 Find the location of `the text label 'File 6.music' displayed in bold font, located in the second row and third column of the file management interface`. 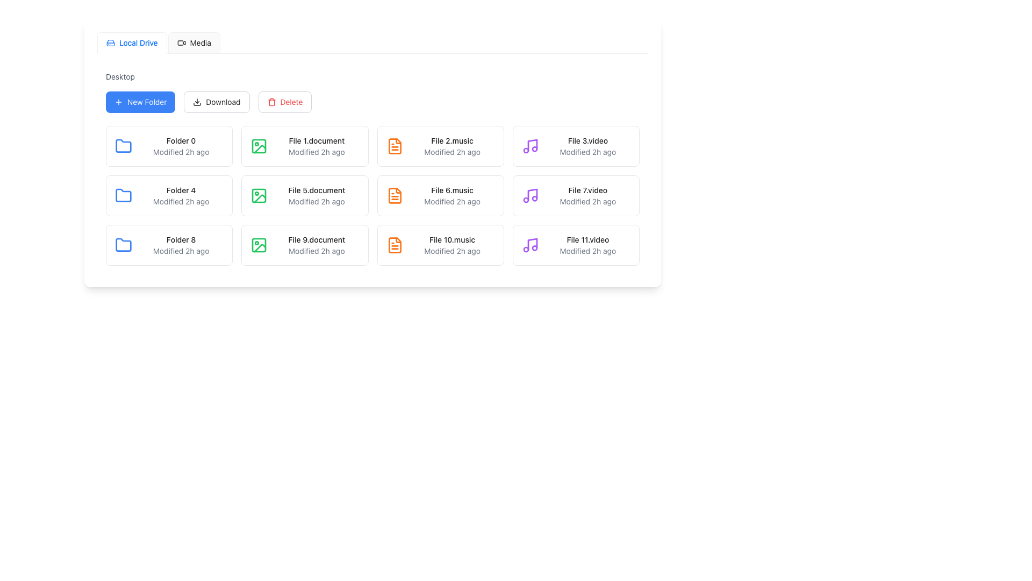

the text label 'File 6.music' displayed in bold font, located in the second row and third column of the file management interface is located at coordinates (452, 190).